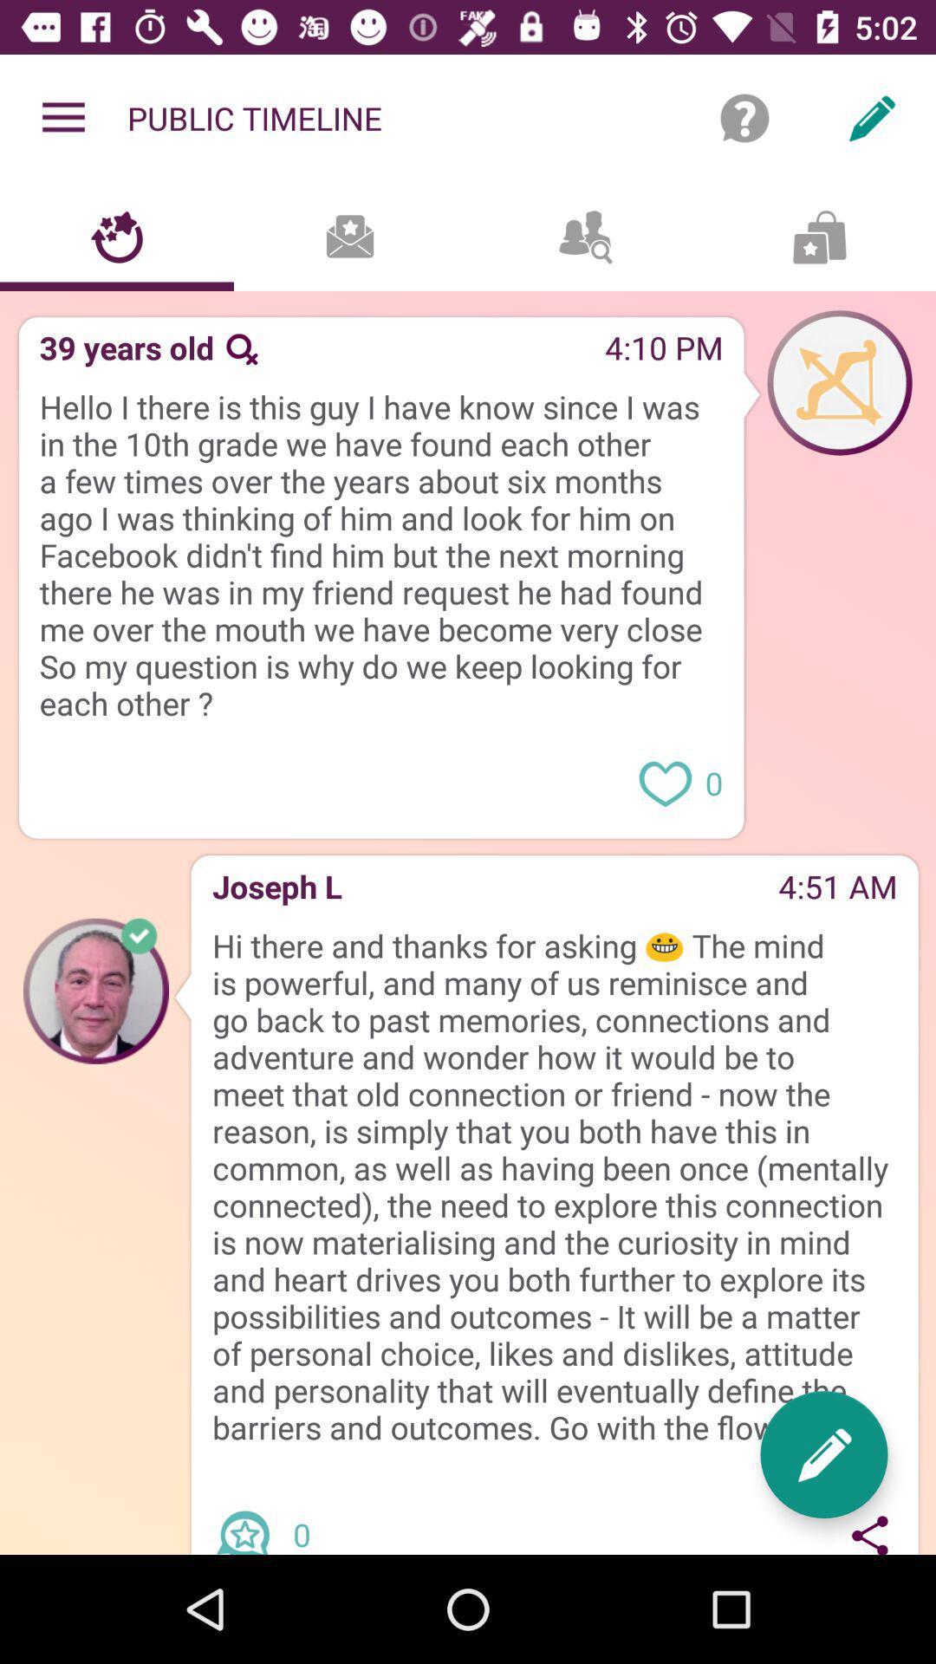 This screenshot has height=1664, width=936. Describe the element at coordinates (823, 1454) in the screenshot. I see `a shortcurt to write a new message` at that location.